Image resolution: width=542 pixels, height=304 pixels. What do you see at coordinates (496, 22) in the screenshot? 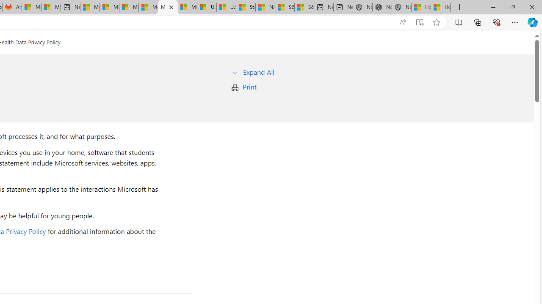
I see `'Browser essentials'` at bounding box center [496, 22].